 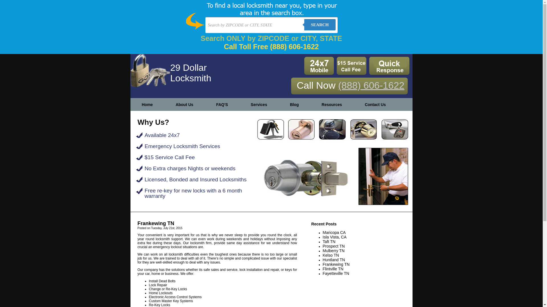 What do you see at coordinates (334, 237) in the screenshot?
I see `'Isla Vista, CA'` at bounding box center [334, 237].